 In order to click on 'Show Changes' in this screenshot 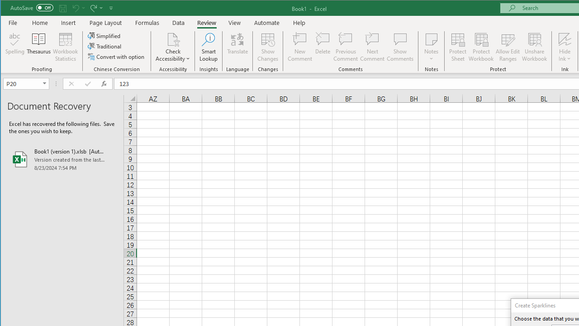, I will do `click(267, 47)`.